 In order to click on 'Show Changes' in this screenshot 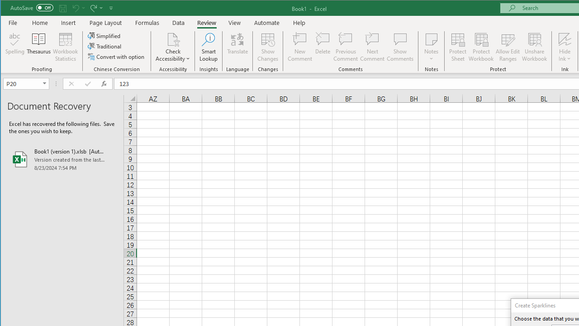, I will do `click(267, 47)`.